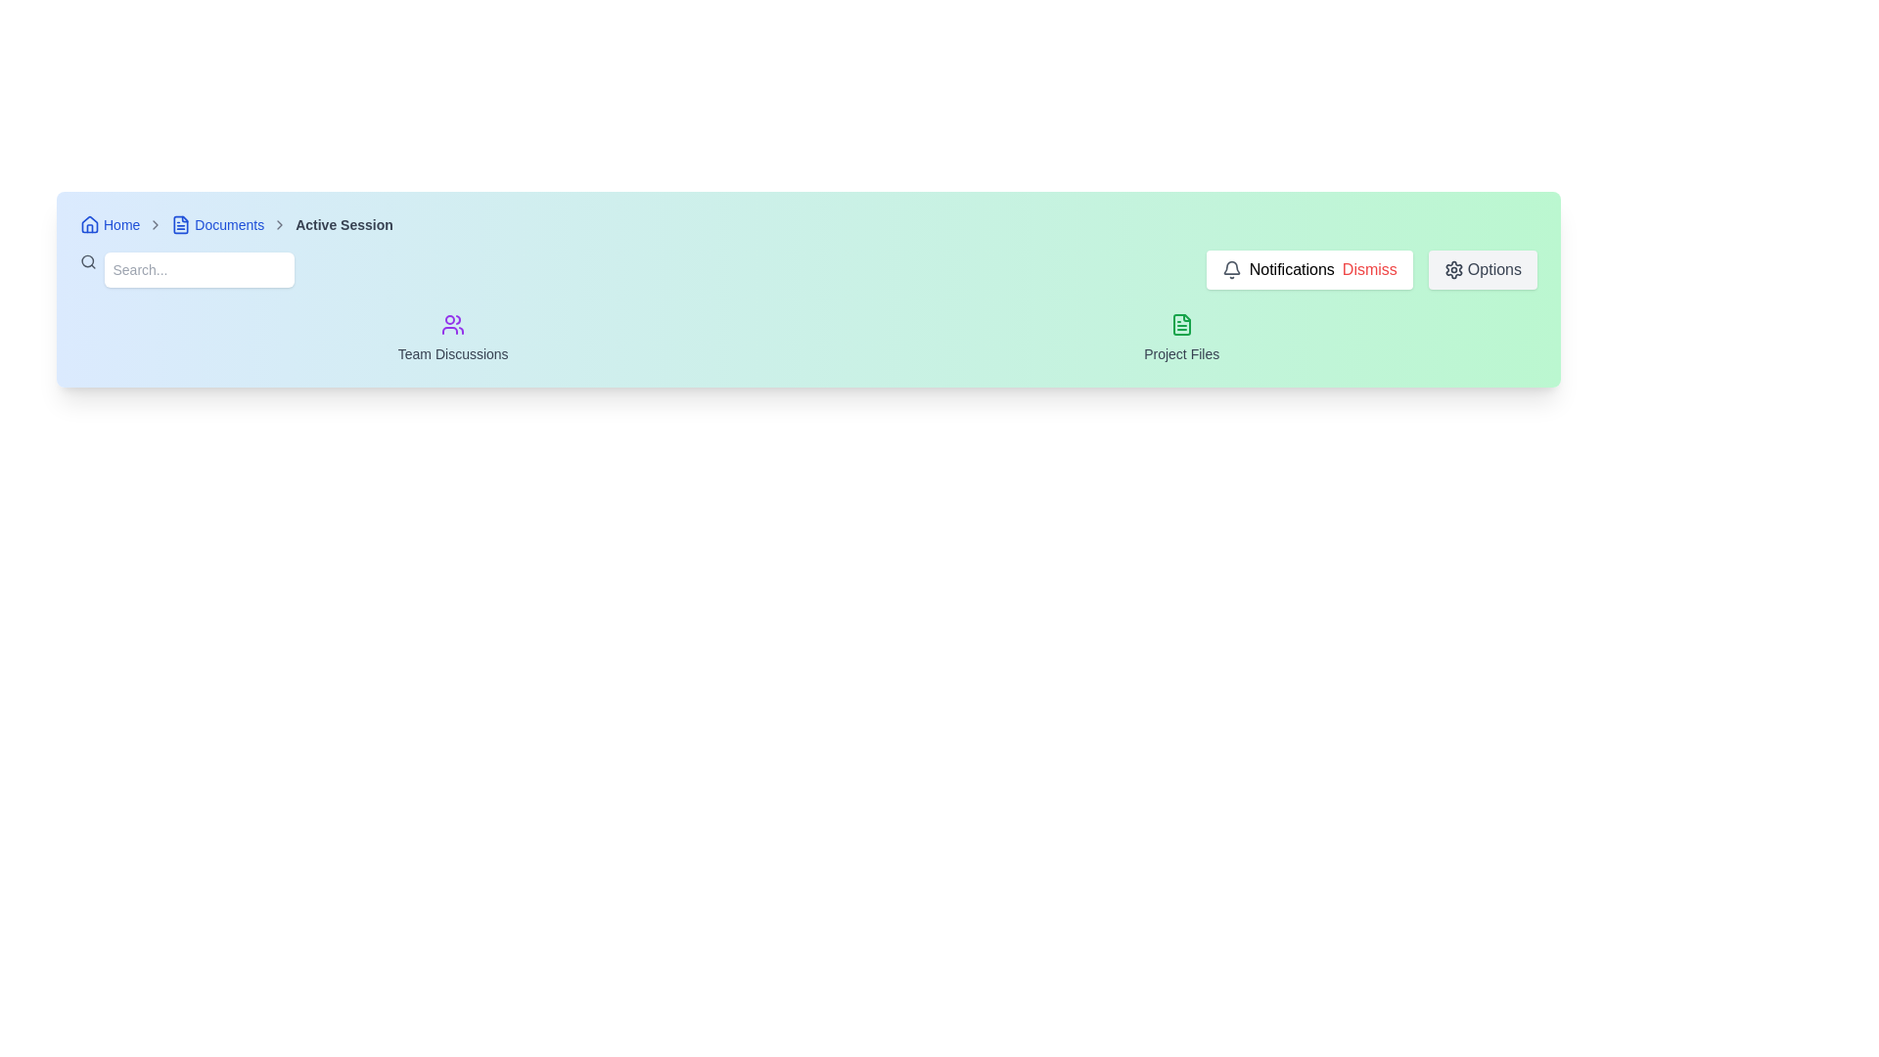 This screenshot has height=1057, width=1879. I want to click on the green document icon located above the 'Project Files' text, so click(1180, 323).